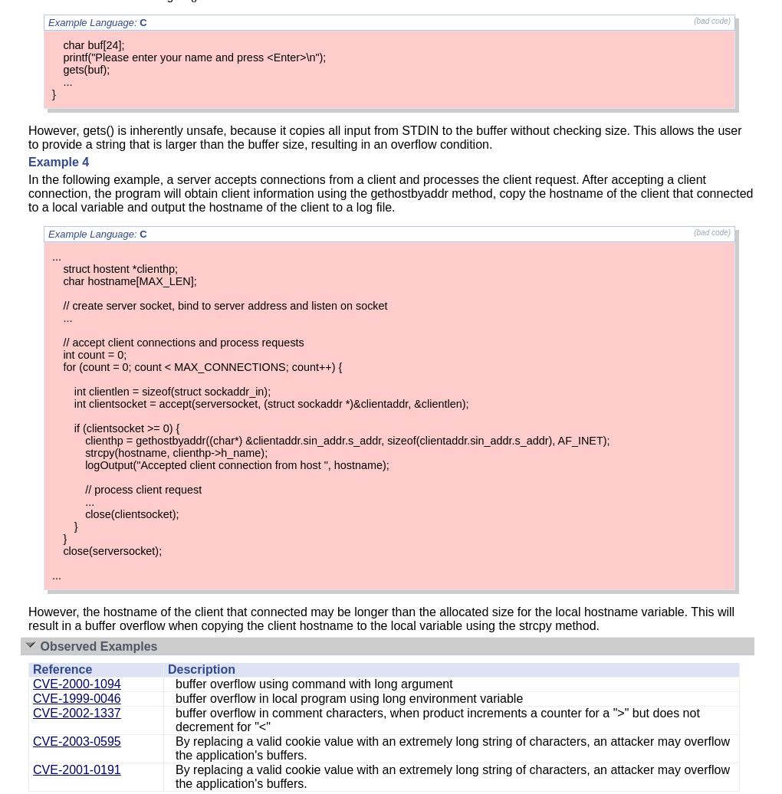 The width and height of the screenshot is (782, 794). Describe the element at coordinates (75, 769) in the screenshot. I see `'CVE-2001-0191'` at that location.